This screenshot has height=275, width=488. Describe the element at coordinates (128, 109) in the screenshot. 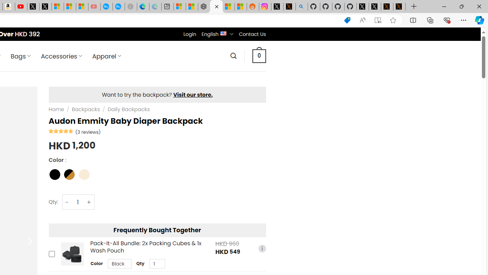

I see `'Daily Backpacks'` at that location.